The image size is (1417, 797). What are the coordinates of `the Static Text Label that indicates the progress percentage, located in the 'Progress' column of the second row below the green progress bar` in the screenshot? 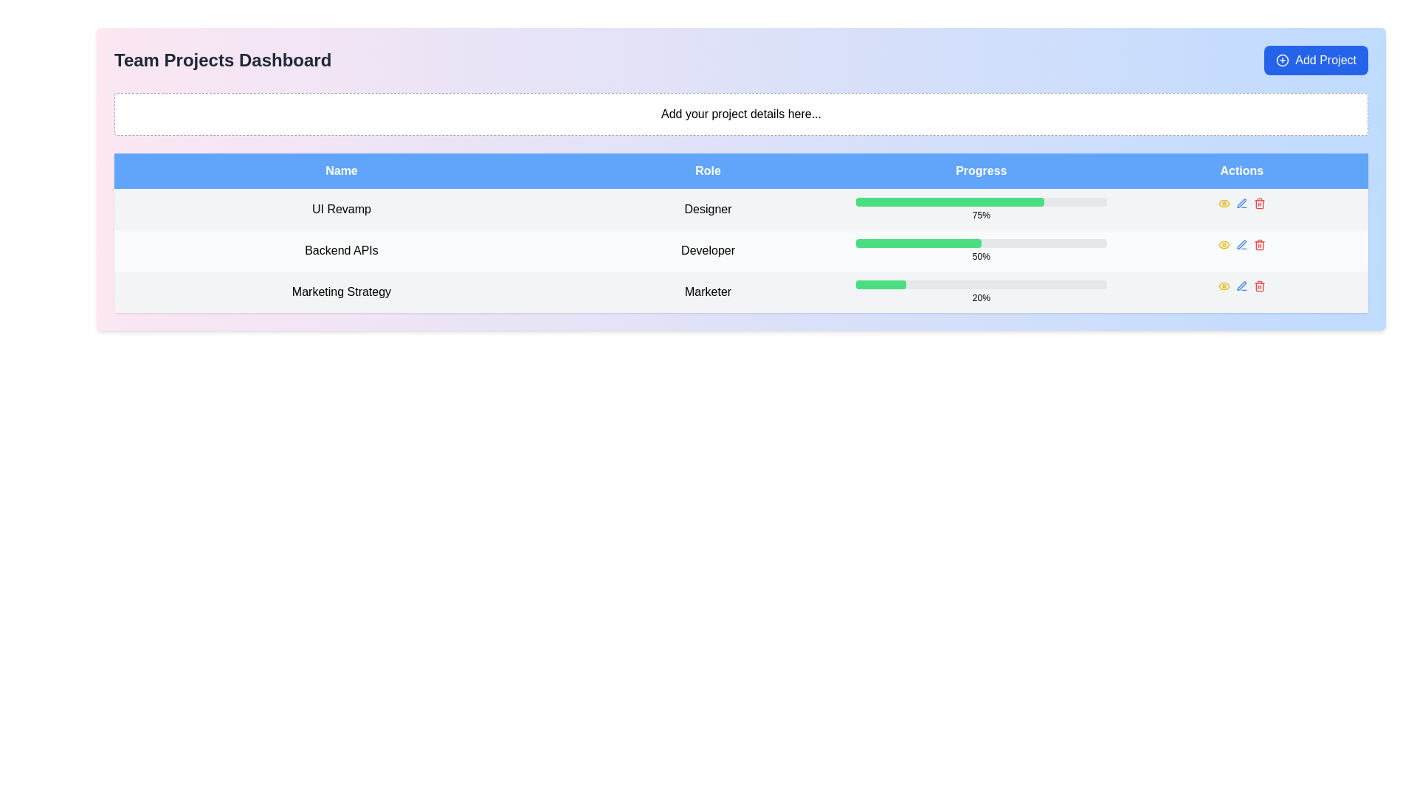 It's located at (981, 255).